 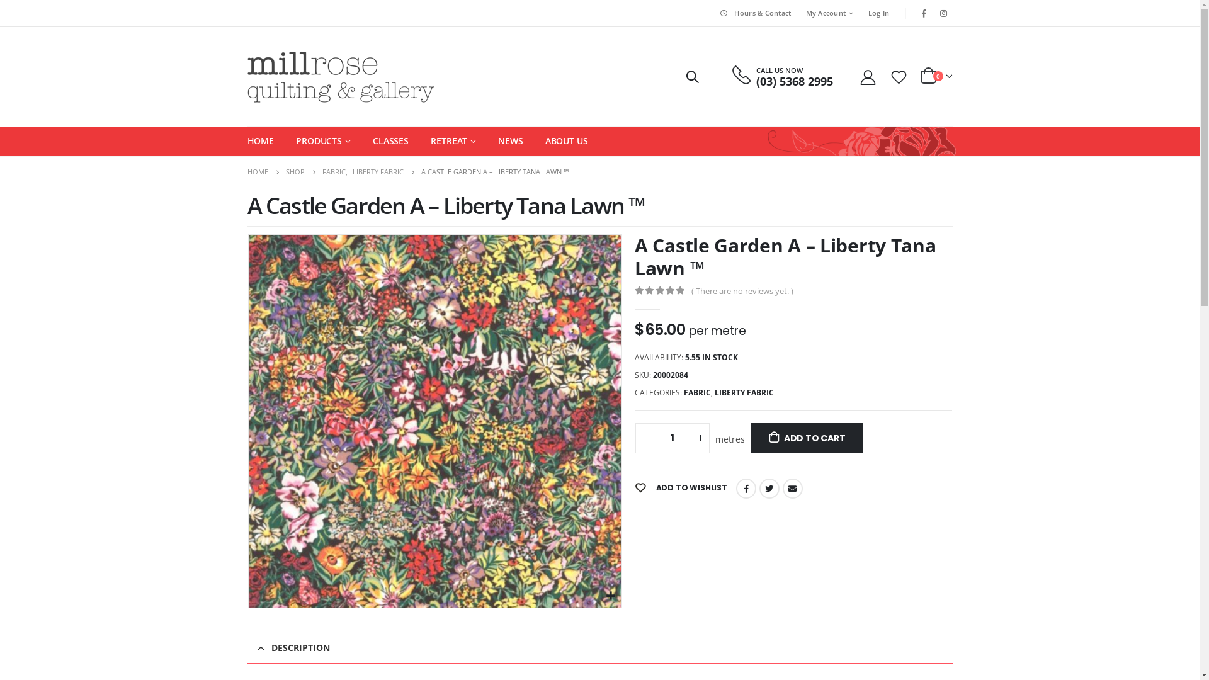 I want to click on '-', so click(x=635, y=437).